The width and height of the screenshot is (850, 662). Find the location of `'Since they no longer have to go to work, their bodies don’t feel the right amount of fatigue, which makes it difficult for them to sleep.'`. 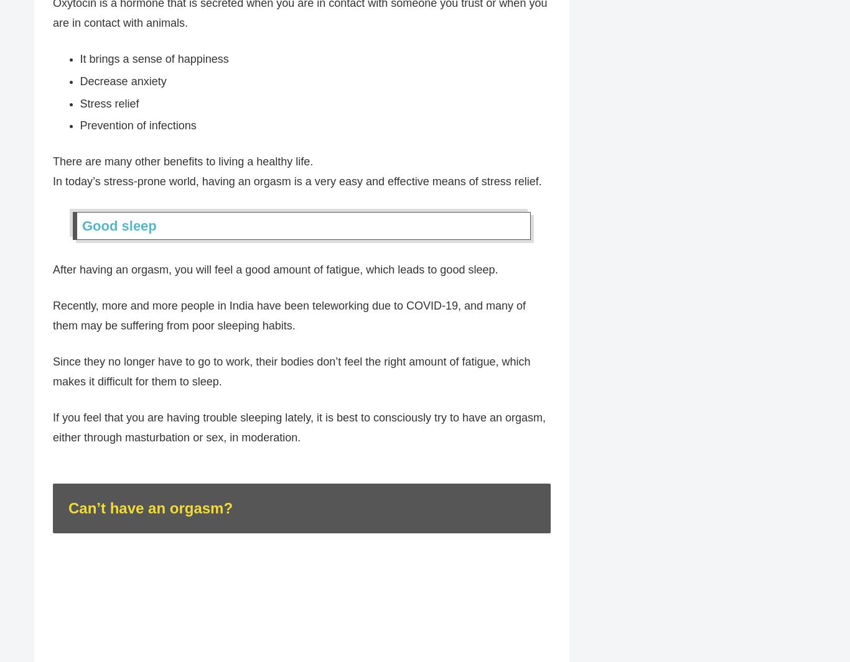

'Since they no longer have to go to work, their bodies don’t feel the right amount of fatigue, which makes it difficult for them to sleep.' is located at coordinates (291, 372).